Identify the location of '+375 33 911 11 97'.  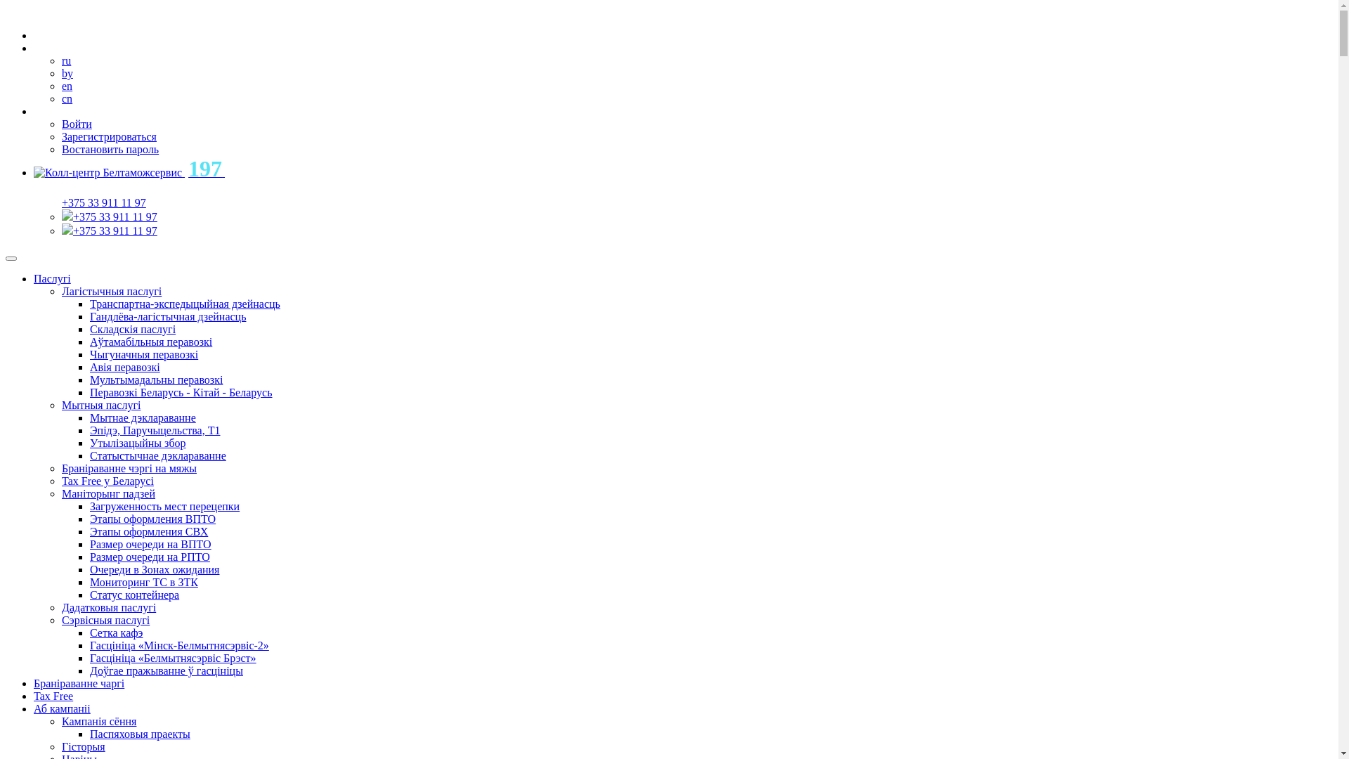
(60, 202).